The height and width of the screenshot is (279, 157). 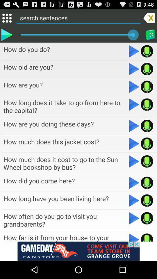 What do you see at coordinates (147, 237) in the screenshot?
I see `this audio` at bounding box center [147, 237].